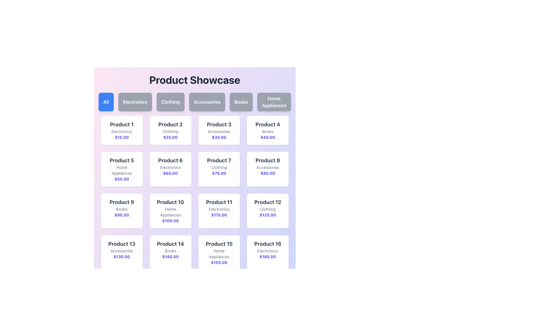  I want to click on the product display card located in the leftmost column of the third row in the product showcase grid, which provides information about a specific product including its name, category, and price, so click(121, 211).